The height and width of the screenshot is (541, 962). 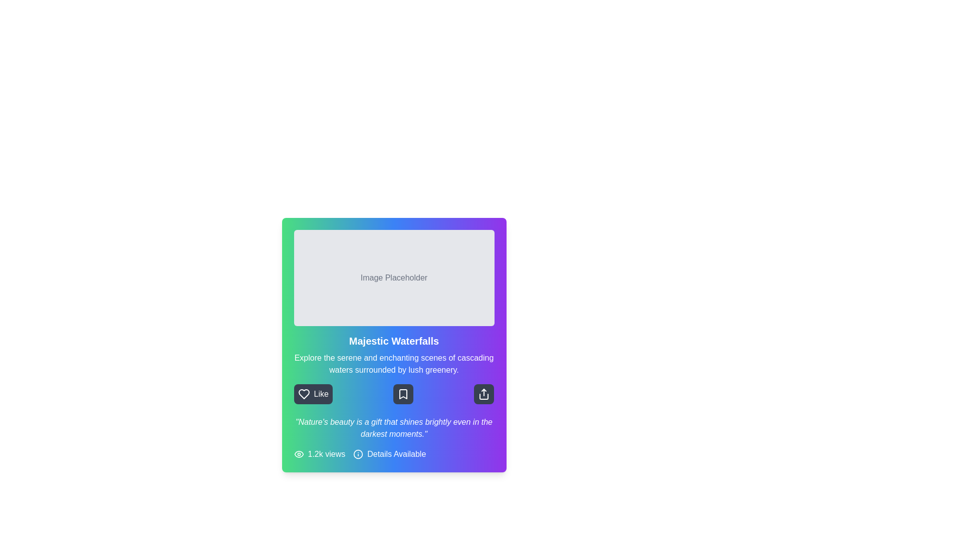 I want to click on the informational label that consists of an info icon and the text 'Details Available', located at the bottom right of the card, so click(x=389, y=454).